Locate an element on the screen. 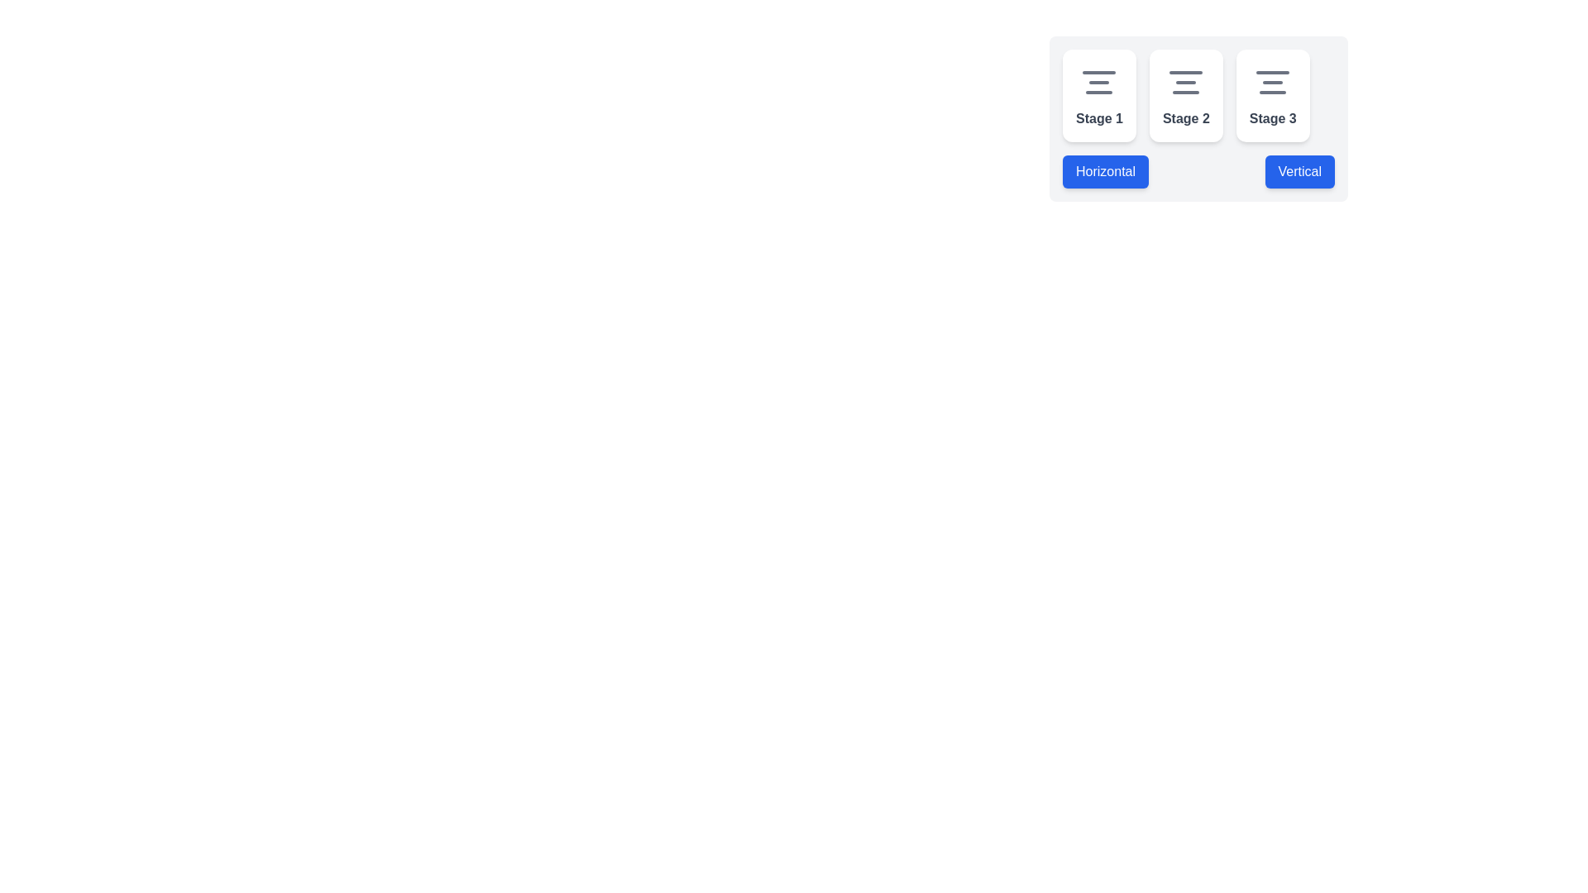  the first Card component located at the top left of a group of three horizontally aligned cards, which represents a stage or step in a sequence is located at coordinates (1099, 95).